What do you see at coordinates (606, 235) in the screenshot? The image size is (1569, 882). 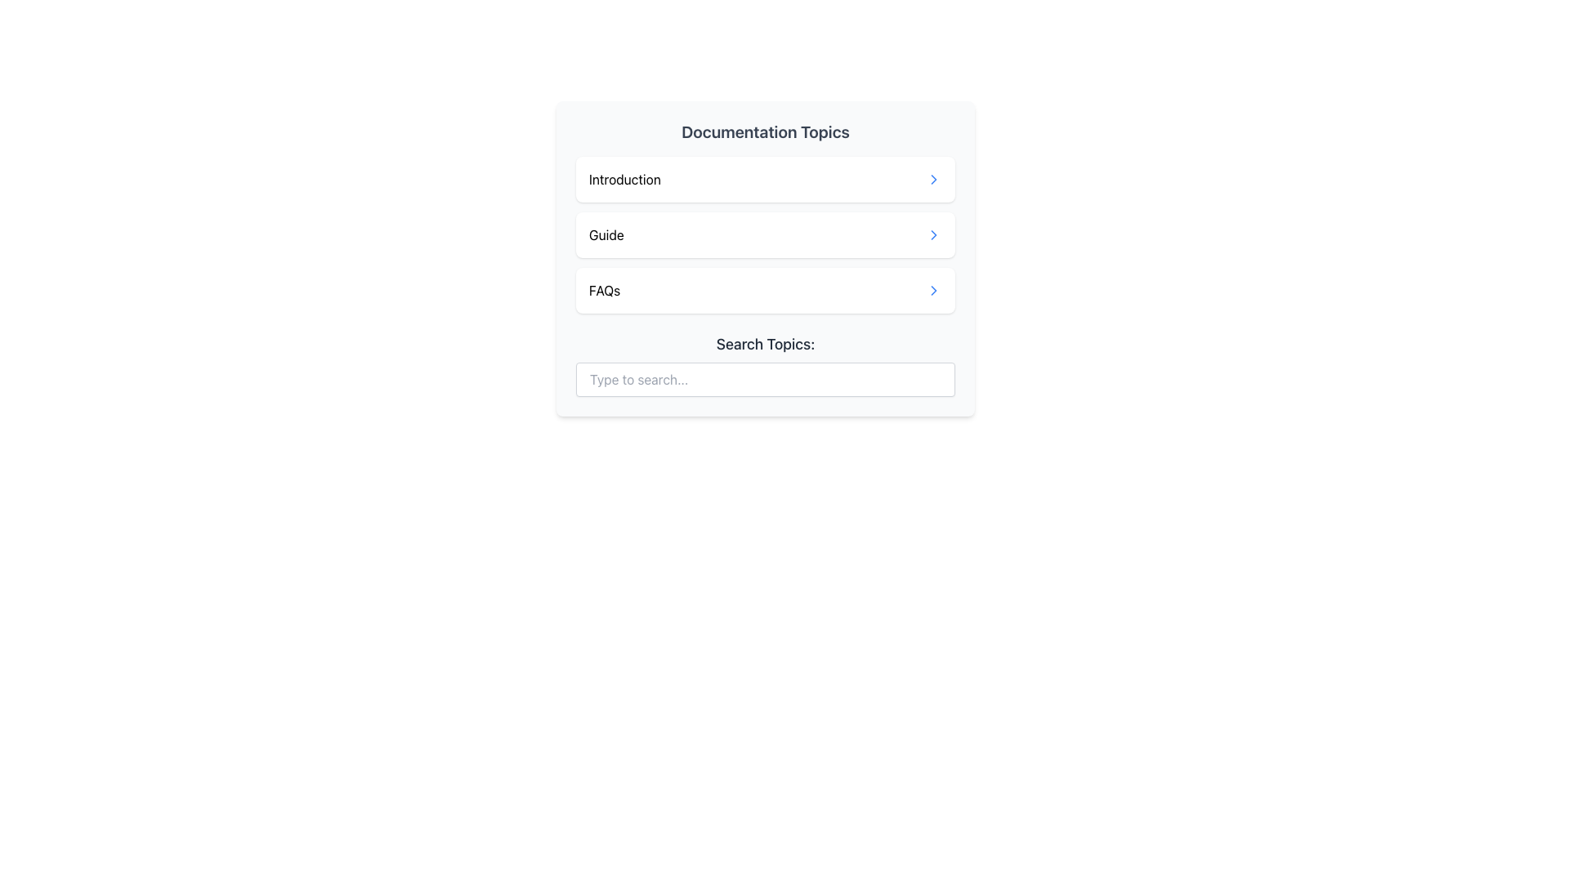 I see `the textual label 'Guide' which is centrally aligned within the 'Documentation Topics' list, located below 'Introduction' and above 'FAQs'` at bounding box center [606, 235].